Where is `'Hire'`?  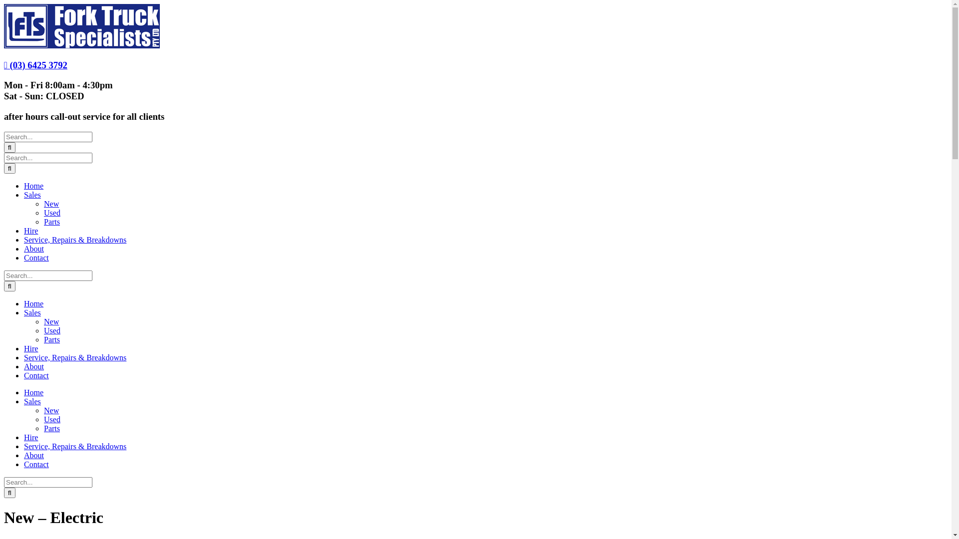 'Hire' is located at coordinates (31, 437).